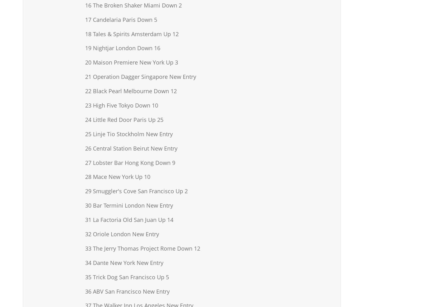  What do you see at coordinates (124, 119) in the screenshot?
I see `'24	Little Red Door	Paris	Up 25'` at bounding box center [124, 119].